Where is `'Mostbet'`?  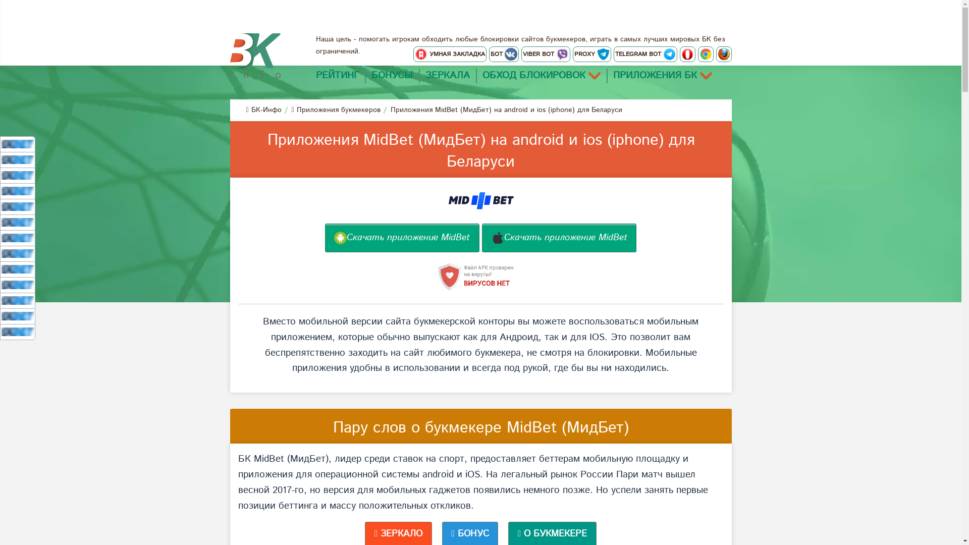
'Mostbet' is located at coordinates (17, 253).